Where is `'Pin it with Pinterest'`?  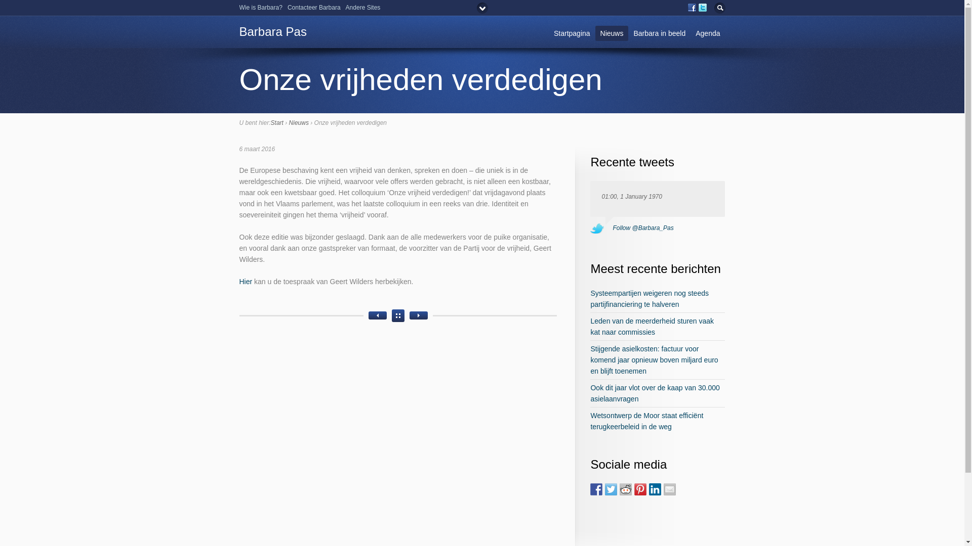 'Pin it with Pinterest' is located at coordinates (640, 489).